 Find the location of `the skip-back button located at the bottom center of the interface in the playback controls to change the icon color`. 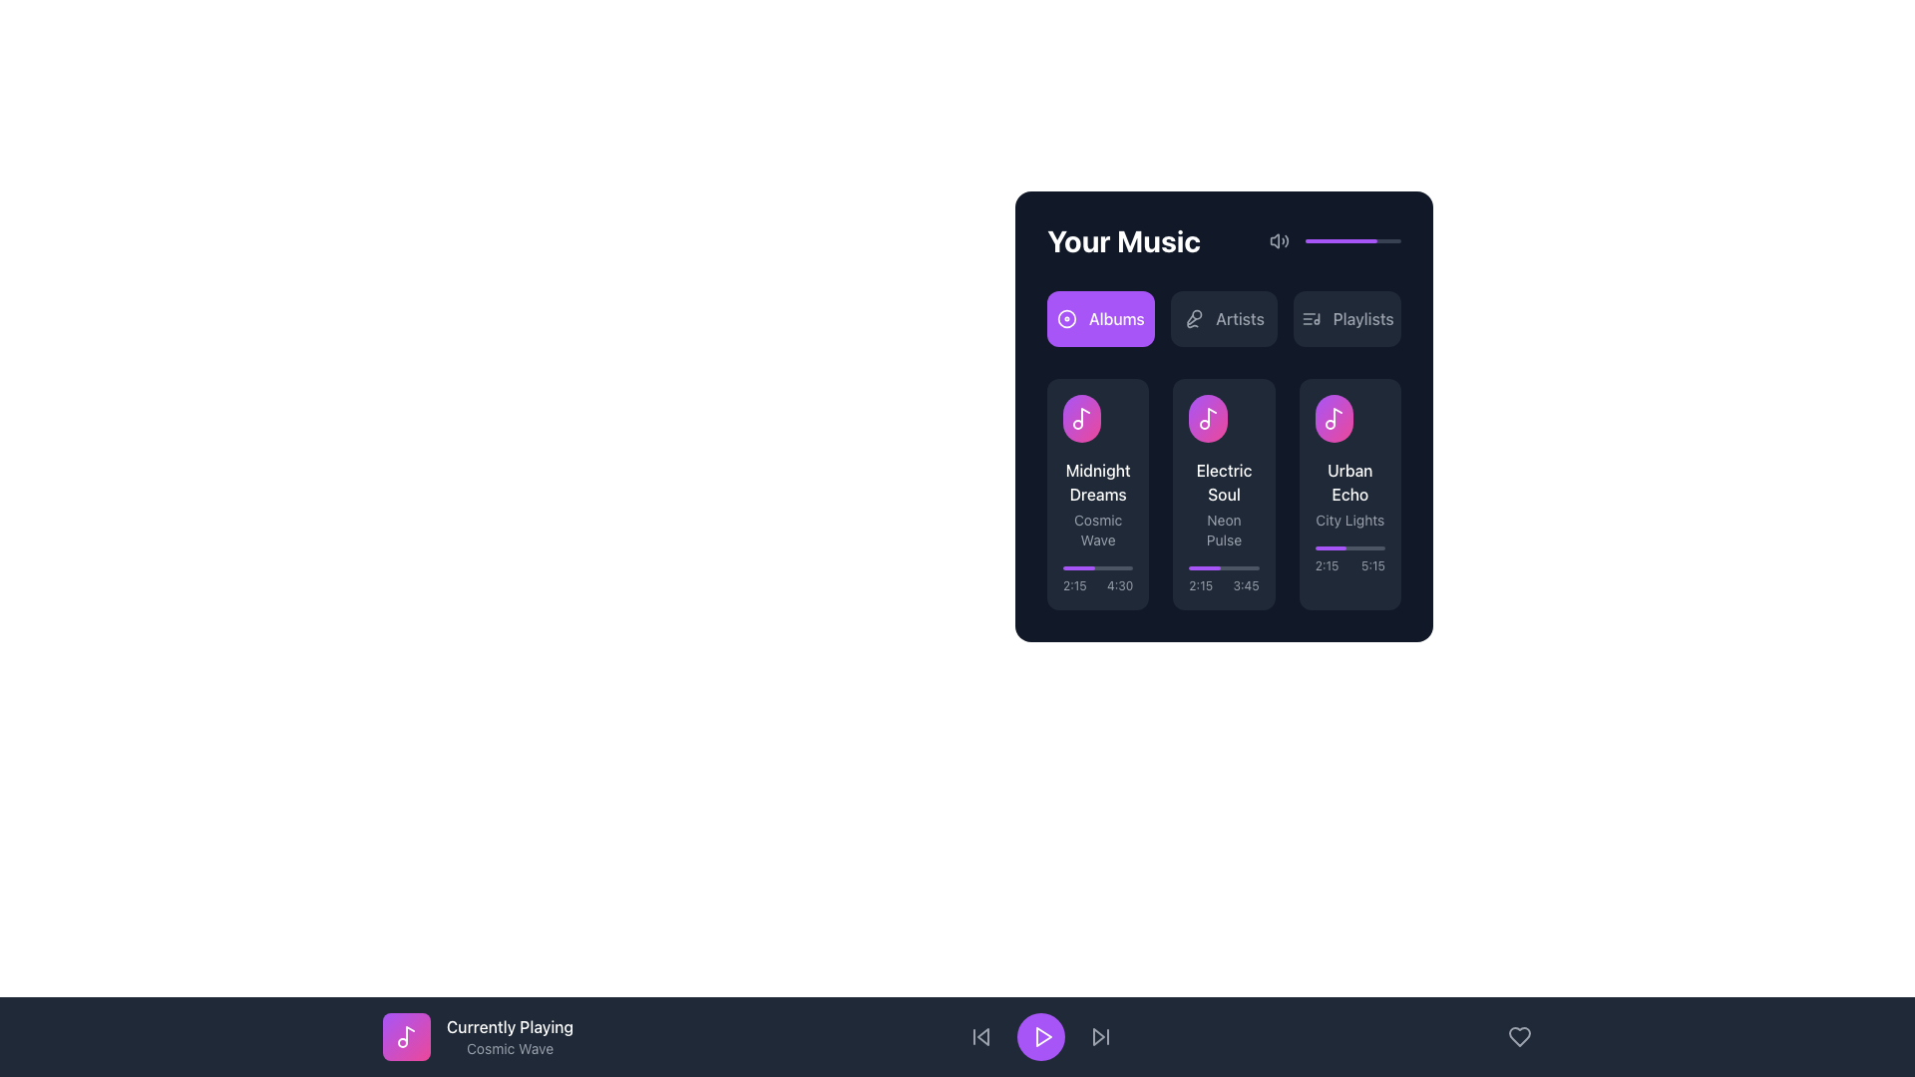

the skip-back button located at the bottom center of the interface in the playback controls to change the icon color is located at coordinates (980, 1036).